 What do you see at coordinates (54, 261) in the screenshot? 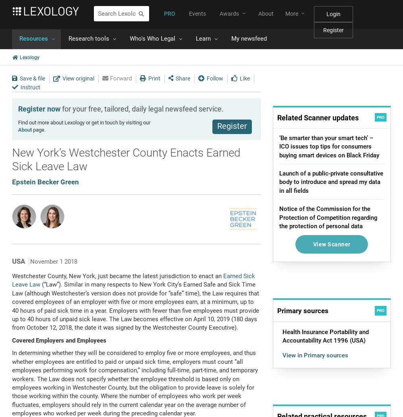
I see `'November 1 2018'` at bounding box center [54, 261].